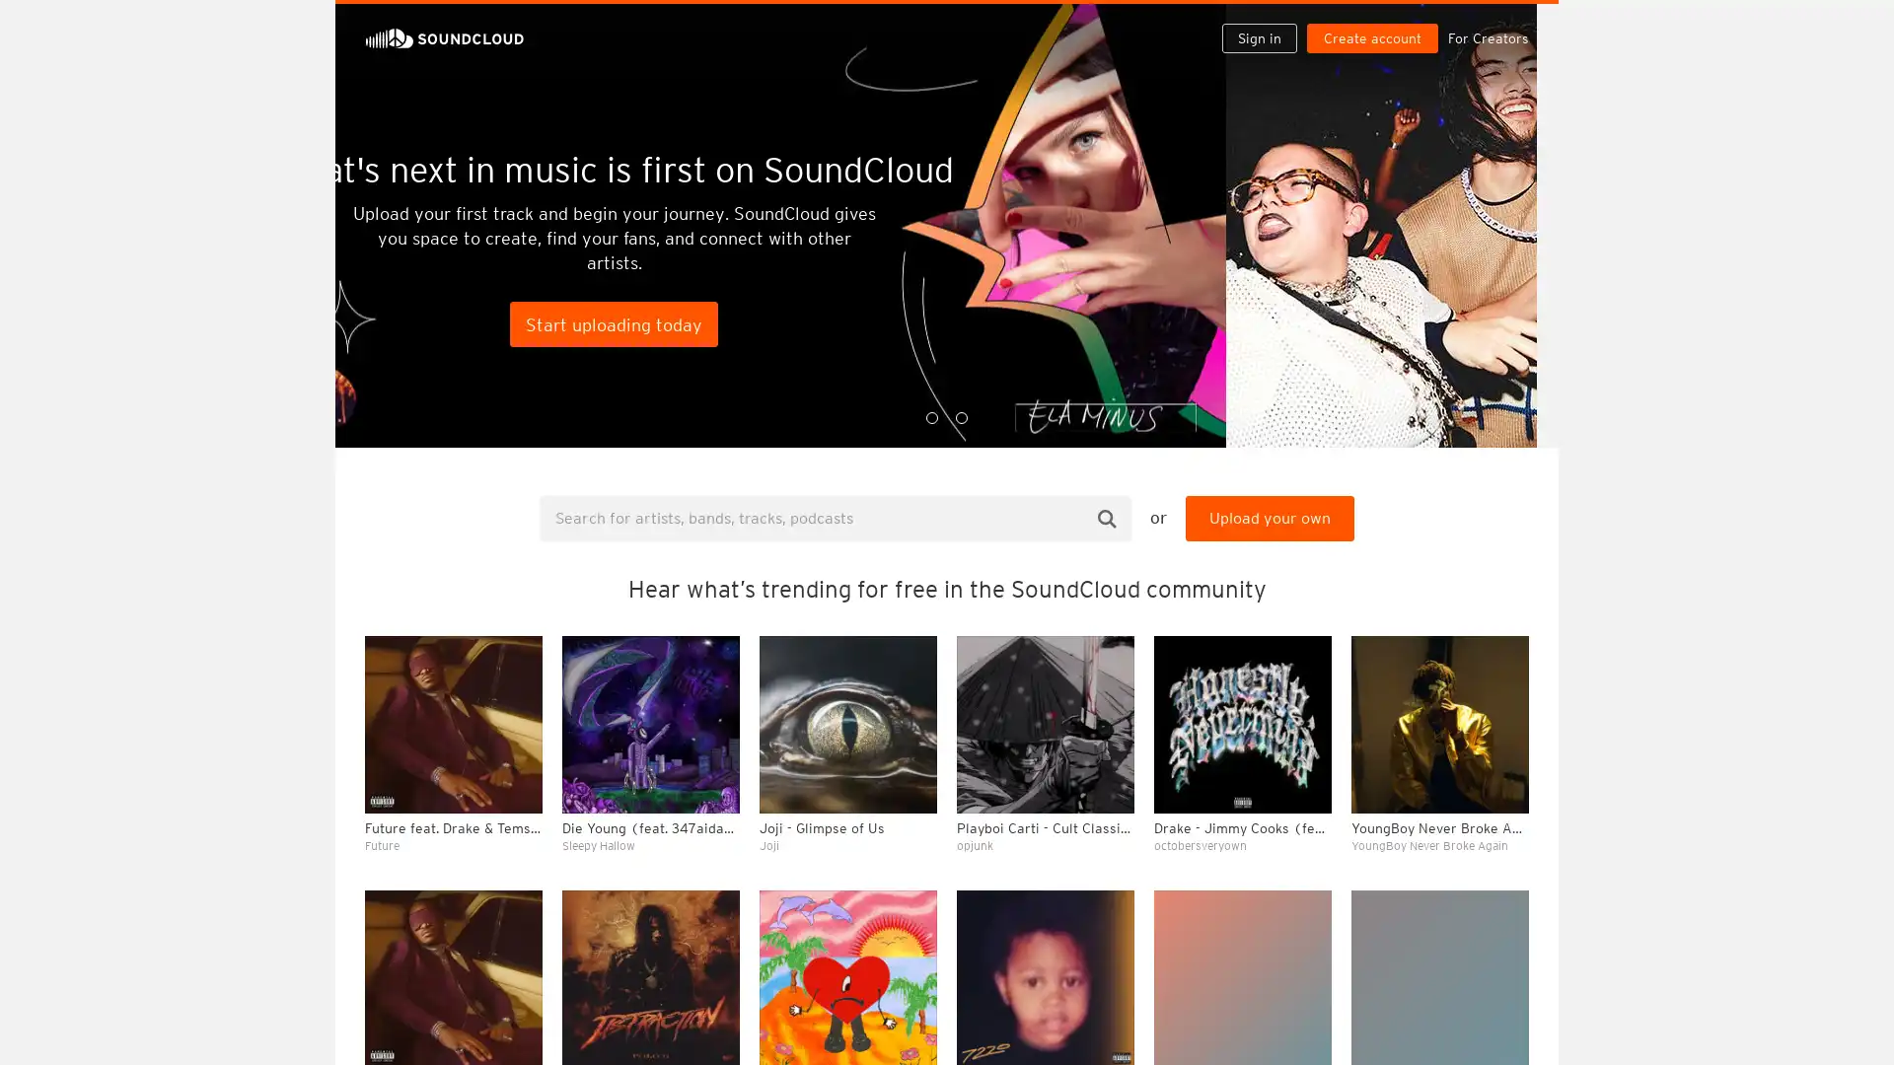  Describe the element at coordinates (1515, 538) in the screenshot. I see `Hide queue` at that location.